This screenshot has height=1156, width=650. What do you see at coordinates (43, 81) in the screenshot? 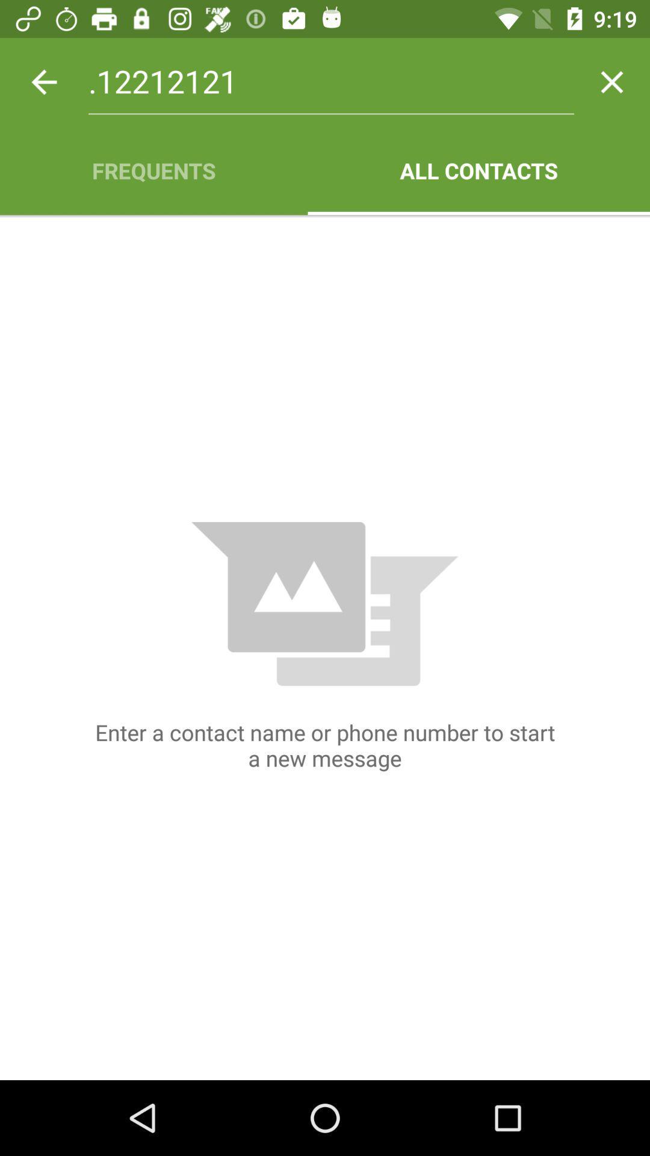
I see `icon to the left of the .12212121 icon` at bounding box center [43, 81].